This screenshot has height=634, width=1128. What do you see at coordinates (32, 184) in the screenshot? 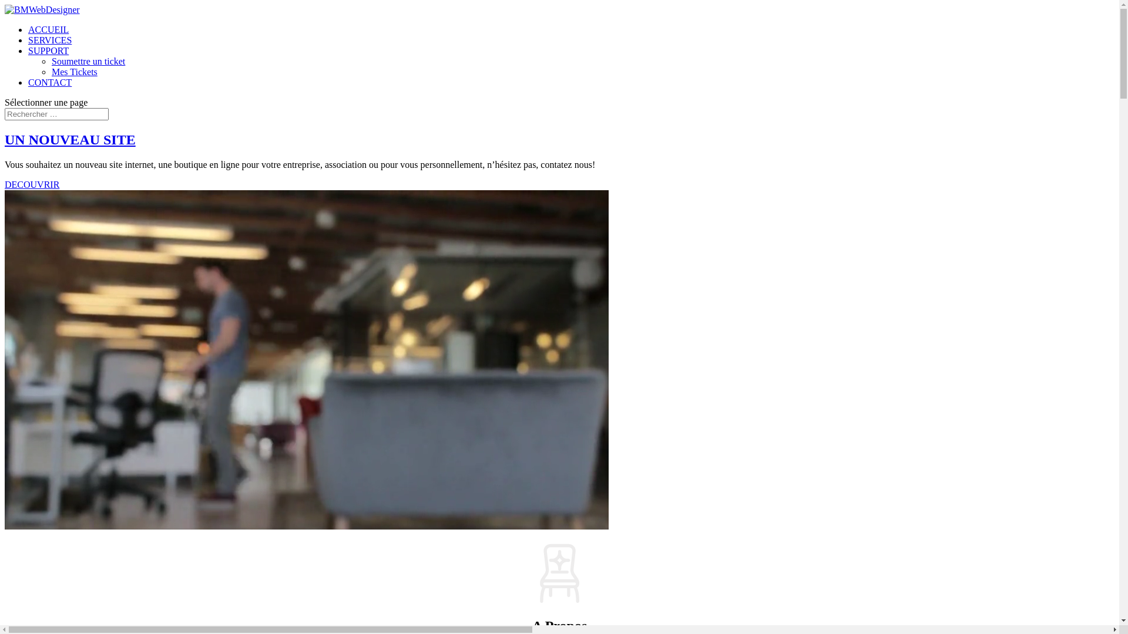
I see `'DECOUVRIR'` at bounding box center [32, 184].